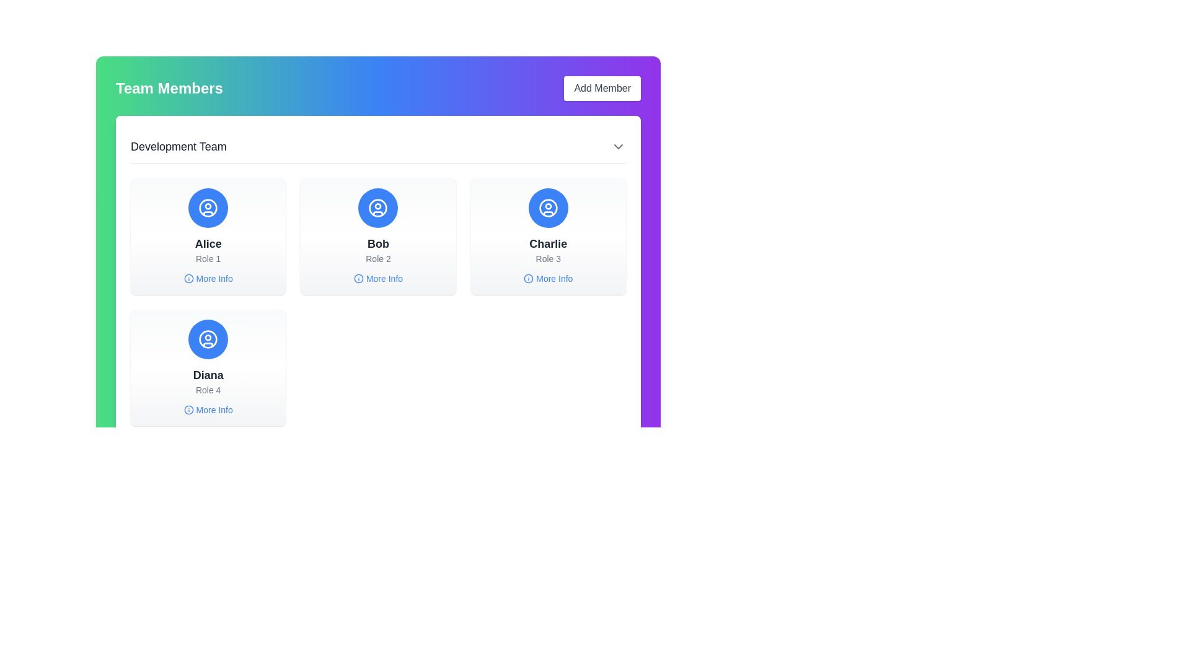 This screenshot has height=669, width=1190. Describe the element at coordinates (208, 367) in the screenshot. I see `the Team member card located in the bottom-left position of the grid layout` at that location.